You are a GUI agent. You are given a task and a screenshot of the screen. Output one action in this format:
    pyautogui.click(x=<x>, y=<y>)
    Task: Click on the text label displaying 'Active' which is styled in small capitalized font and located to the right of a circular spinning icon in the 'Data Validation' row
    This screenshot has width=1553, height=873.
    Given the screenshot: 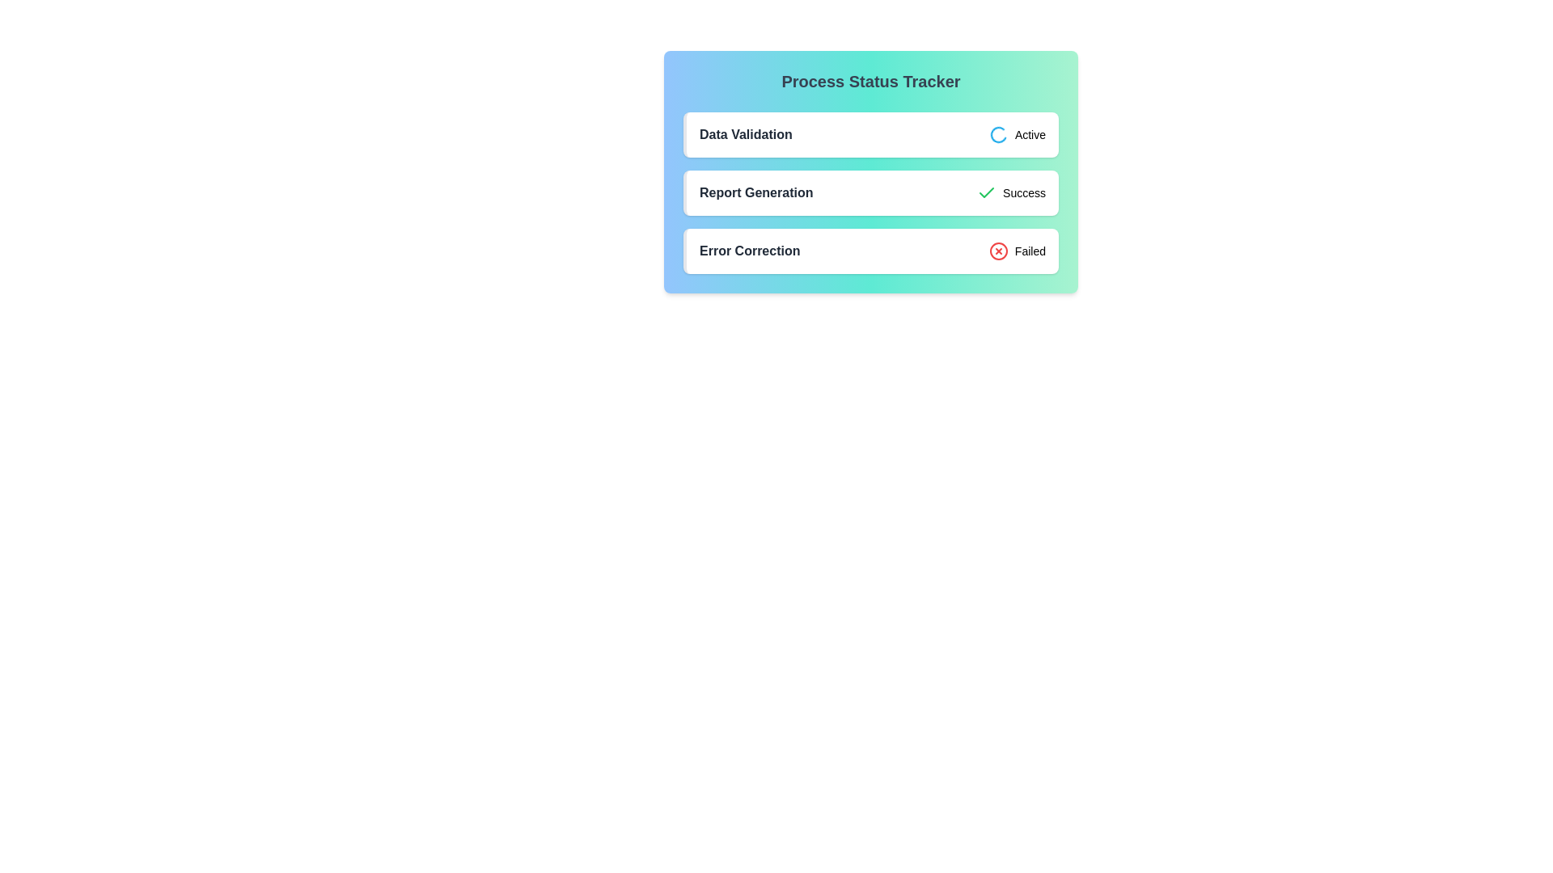 What is the action you would take?
    pyautogui.click(x=1029, y=133)
    